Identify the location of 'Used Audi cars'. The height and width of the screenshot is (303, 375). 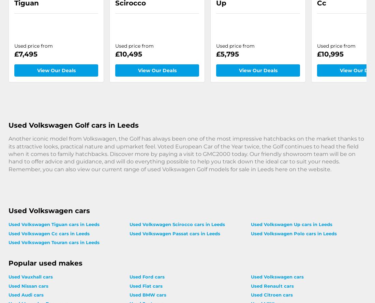
(8, 294).